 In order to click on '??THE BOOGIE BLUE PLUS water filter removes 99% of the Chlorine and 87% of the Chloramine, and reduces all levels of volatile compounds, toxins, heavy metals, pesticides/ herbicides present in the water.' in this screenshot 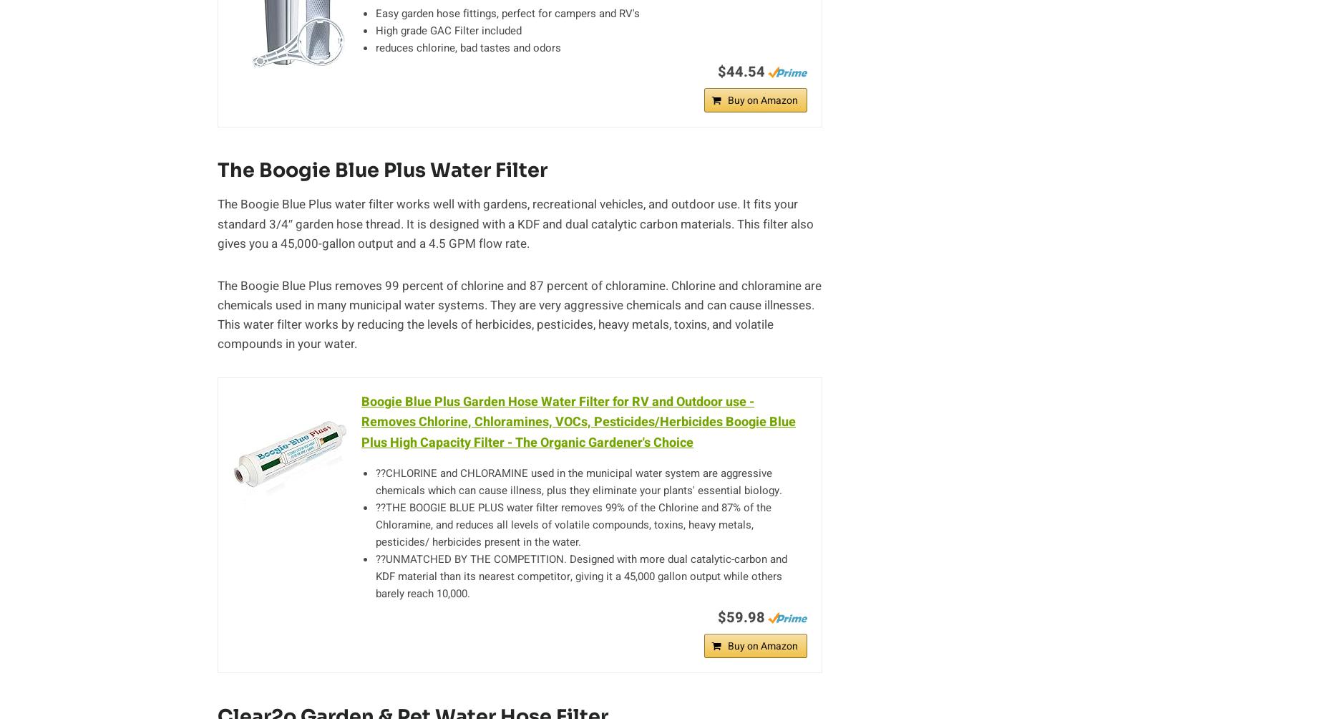, I will do `click(376, 524)`.